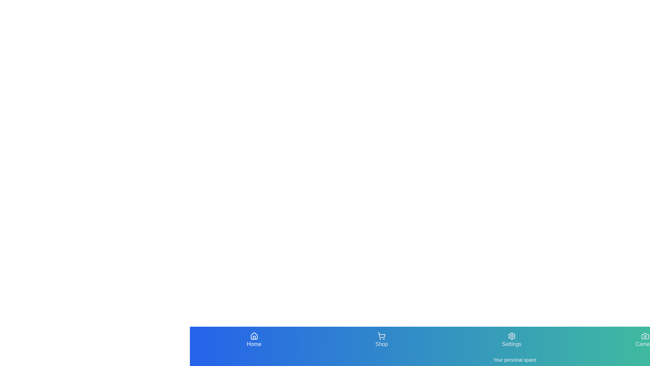  Describe the element at coordinates (512, 340) in the screenshot. I see `the tab labeled 'Settings' to preview its hover effect` at that location.